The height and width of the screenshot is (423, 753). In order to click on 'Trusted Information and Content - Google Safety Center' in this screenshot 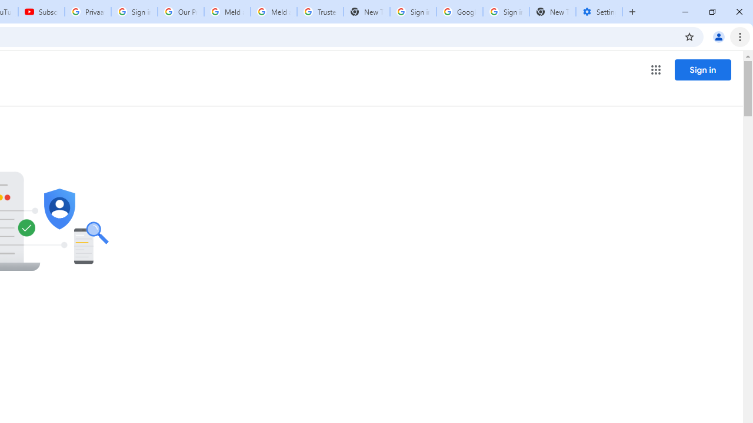, I will do `click(320, 12)`.